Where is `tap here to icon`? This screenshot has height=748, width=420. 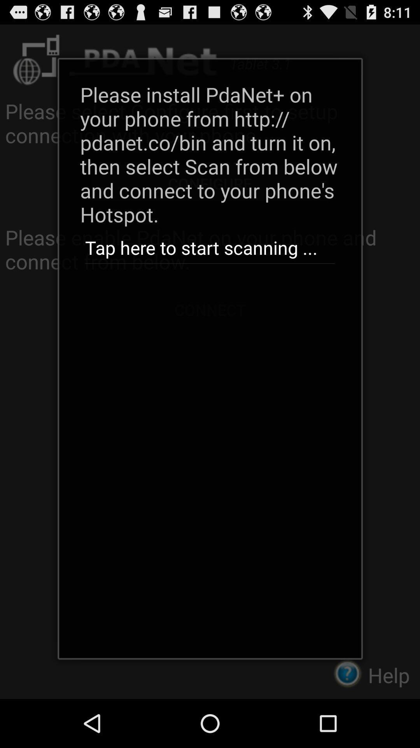 tap here to icon is located at coordinates (210, 248).